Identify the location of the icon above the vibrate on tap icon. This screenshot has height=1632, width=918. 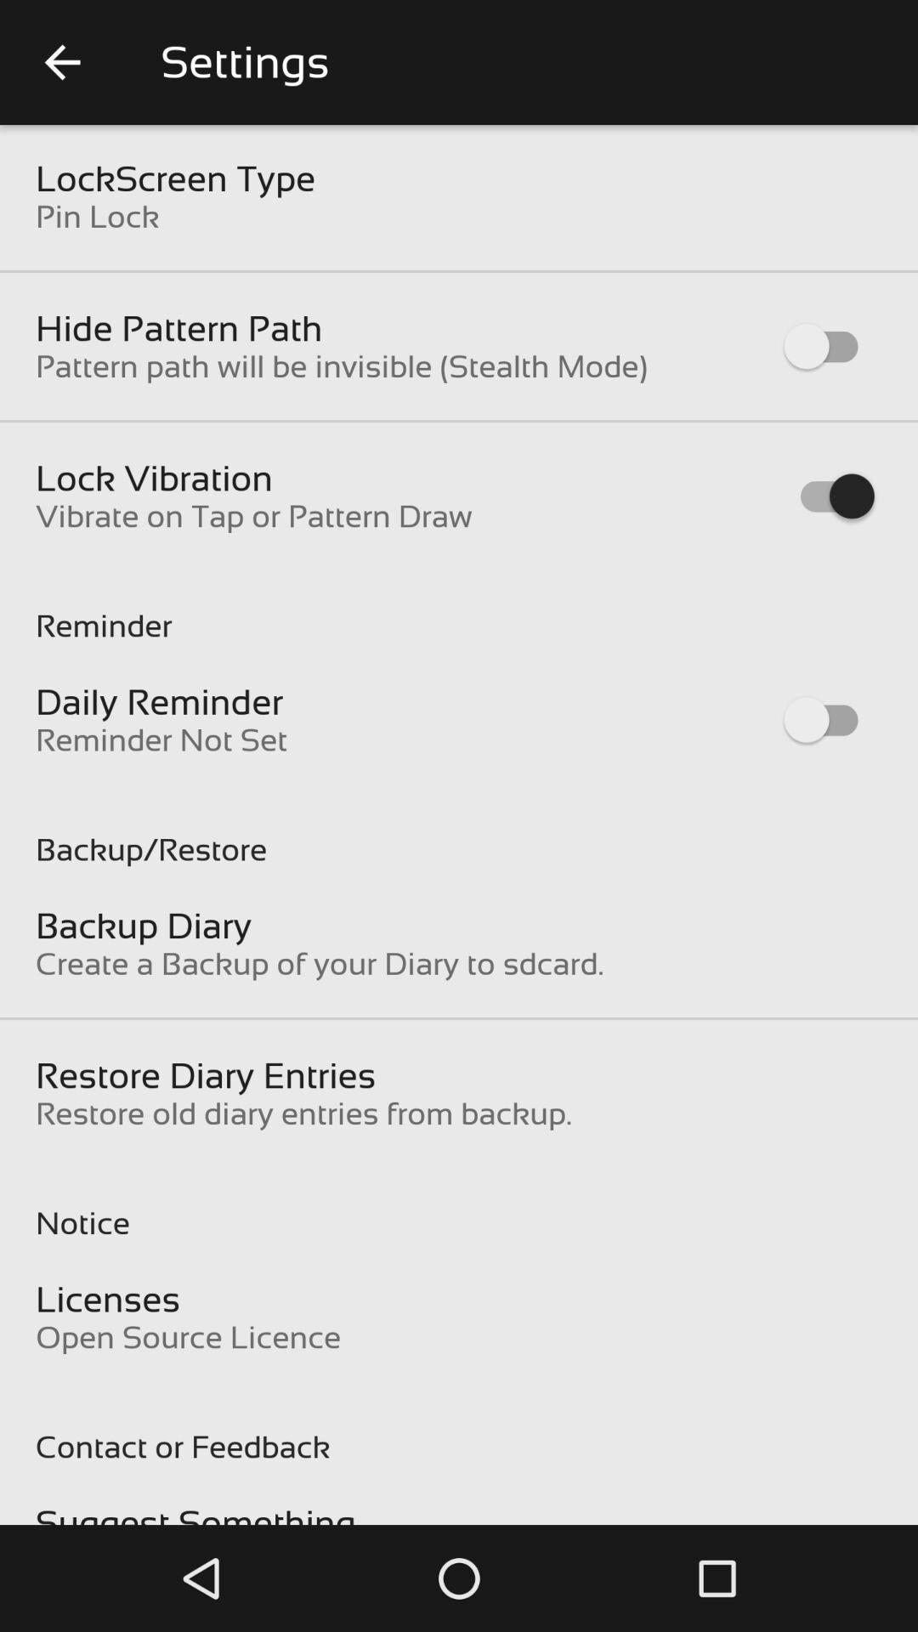
(154, 477).